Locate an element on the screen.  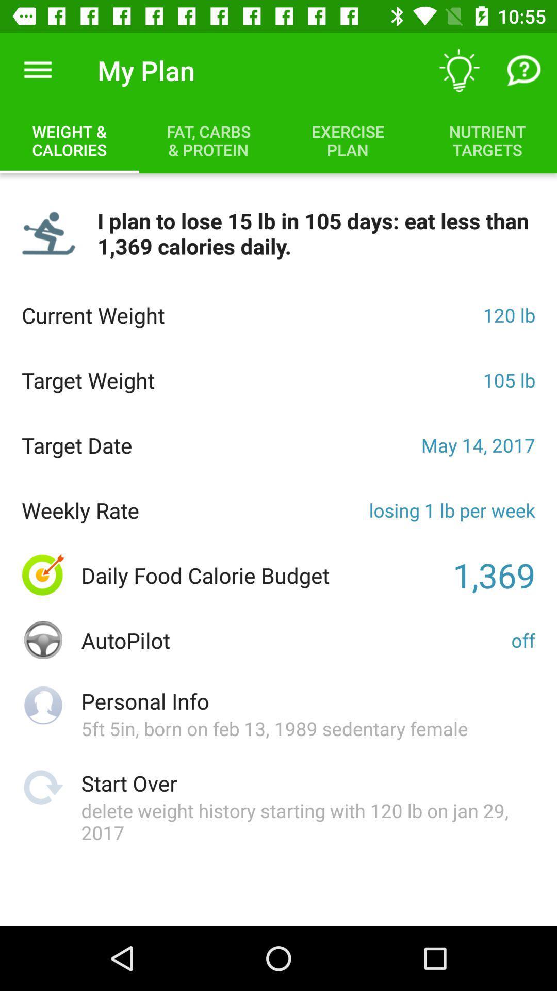
item above nutrient is located at coordinates (459, 70).